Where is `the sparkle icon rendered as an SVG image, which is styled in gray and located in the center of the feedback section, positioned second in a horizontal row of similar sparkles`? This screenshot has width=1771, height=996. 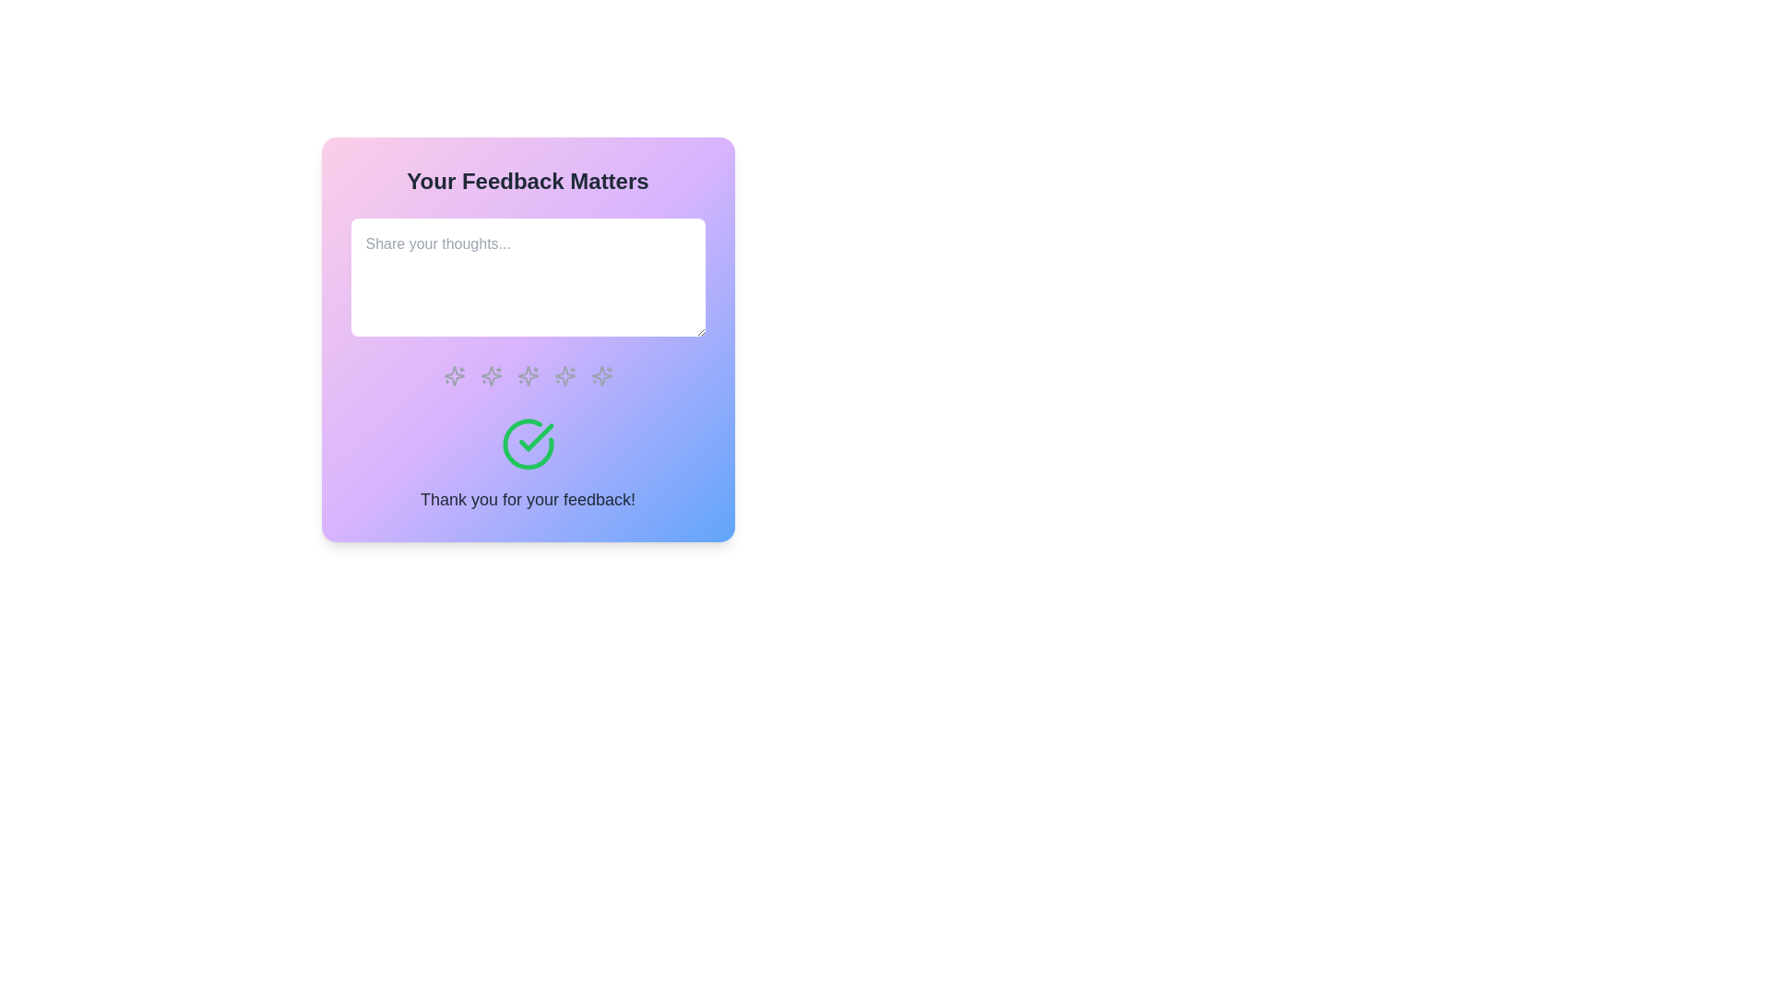
the sparkle icon rendered as an SVG image, which is styled in gray and located in the center of the feedback section, positioned second in a horizontal row of similar sparkles is located at coordinates (491, 375).